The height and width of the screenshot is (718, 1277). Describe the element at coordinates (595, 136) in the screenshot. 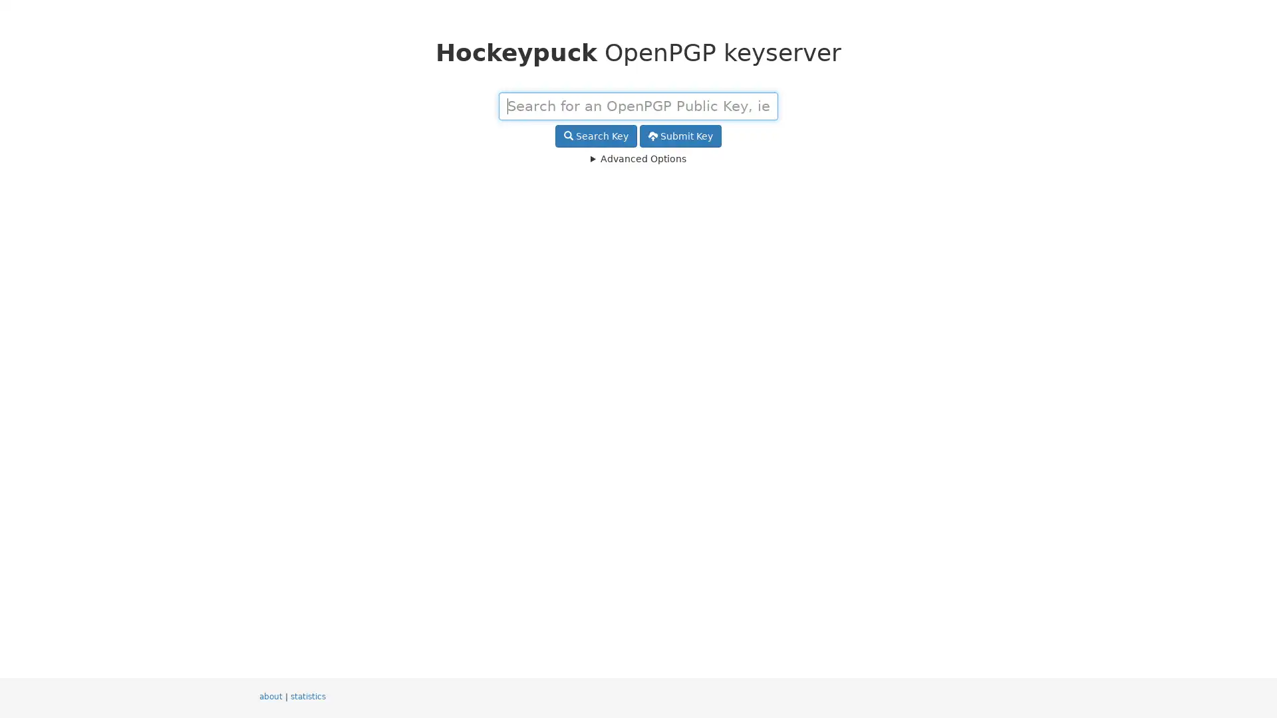

I see `Search Key` at that location.